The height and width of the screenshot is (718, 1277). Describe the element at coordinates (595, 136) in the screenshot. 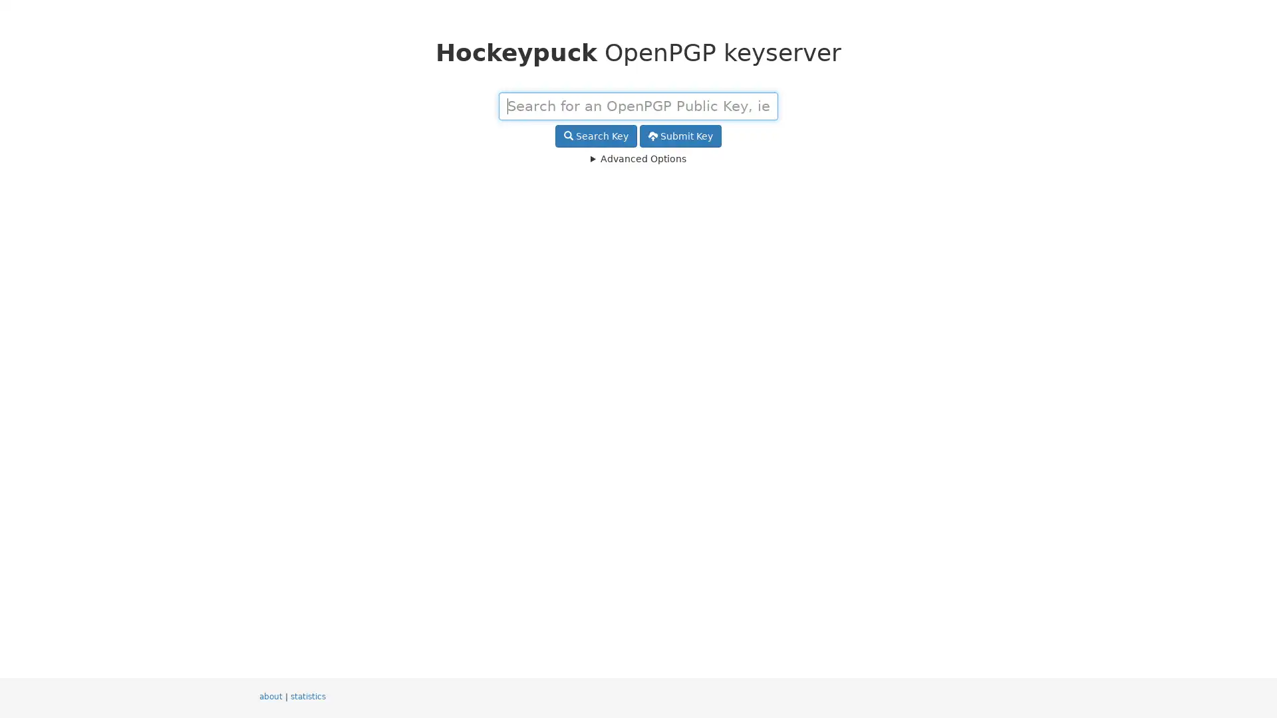

I see `Search Key` at that location.